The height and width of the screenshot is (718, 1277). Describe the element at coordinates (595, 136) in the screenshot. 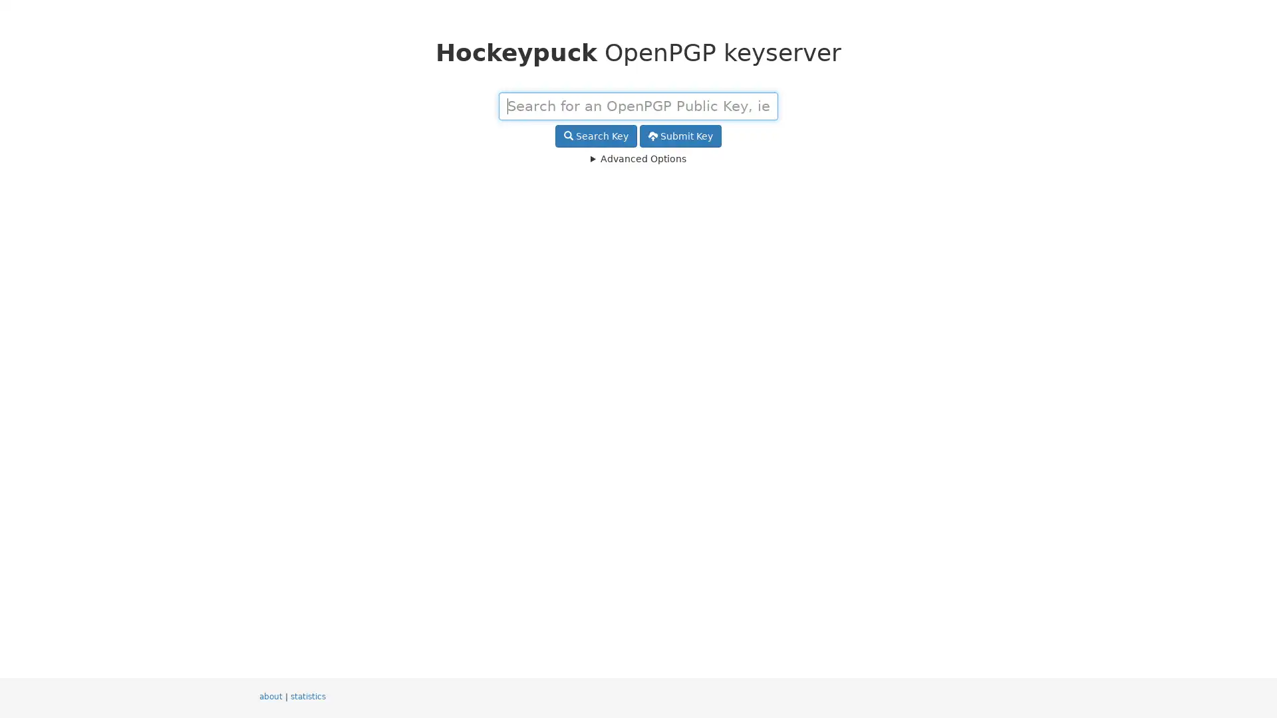

I see `Search Key` at that location.